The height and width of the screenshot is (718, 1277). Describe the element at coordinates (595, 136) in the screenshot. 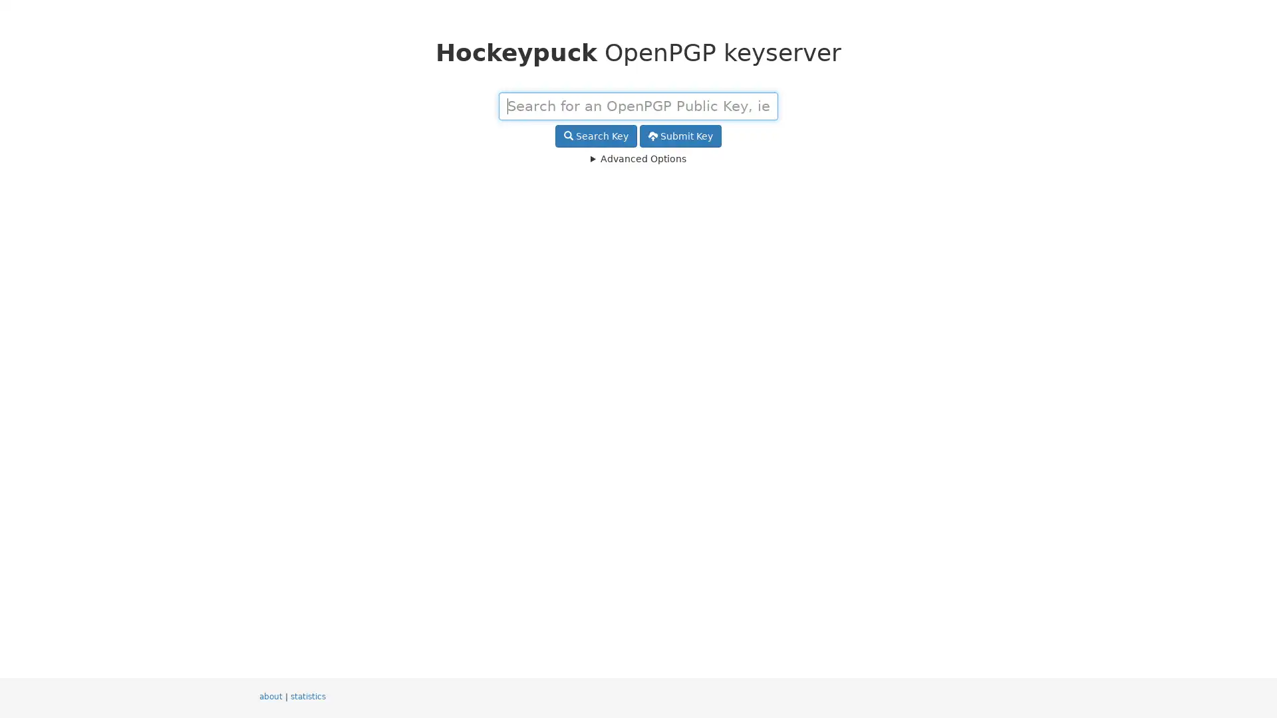

I see `Search Key` at that location.